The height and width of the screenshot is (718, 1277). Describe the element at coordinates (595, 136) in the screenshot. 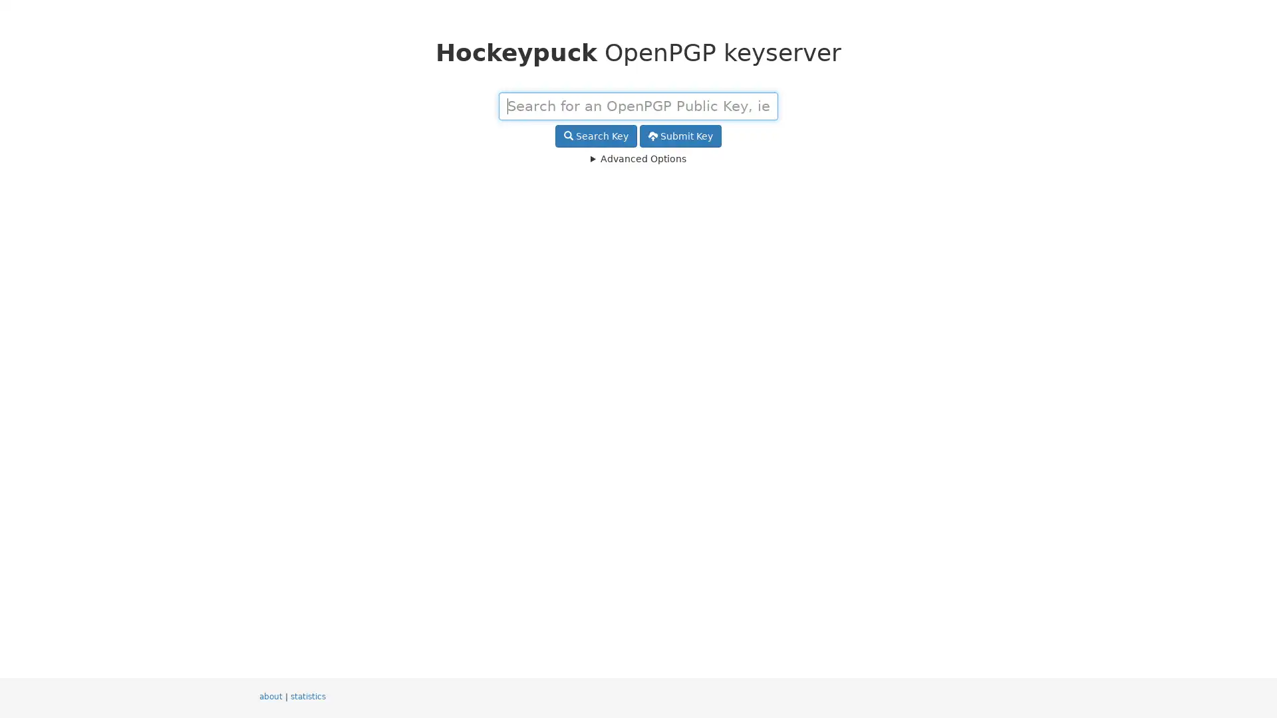

I see `Search Key` at that location.